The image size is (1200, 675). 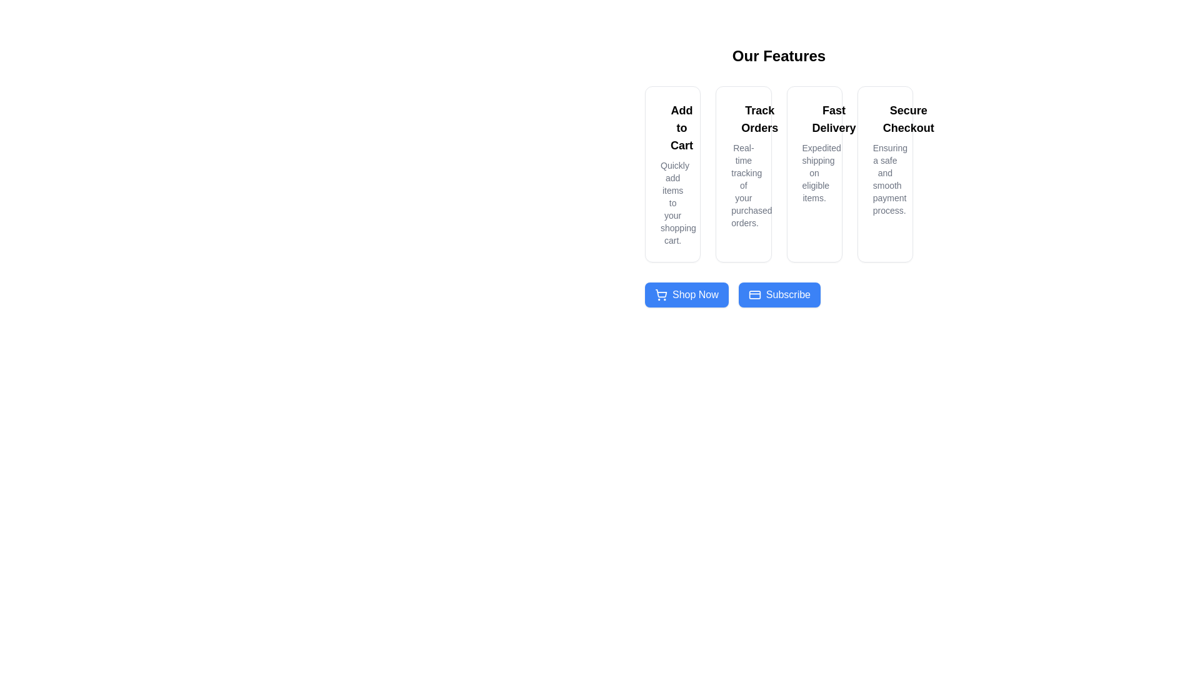 What do you see at coordinates (660, 294) in the screenshot?
I see `the shopping cart icon located on the left side of the 'Shop Now' button to initiate shopping actions` at bounding box center [660, 294].